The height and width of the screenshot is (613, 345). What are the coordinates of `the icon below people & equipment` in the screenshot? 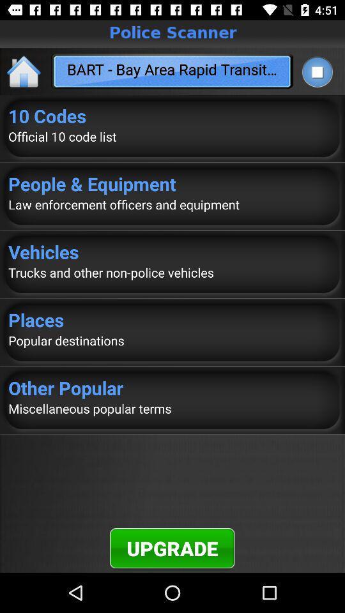 It's located at (172, 204).